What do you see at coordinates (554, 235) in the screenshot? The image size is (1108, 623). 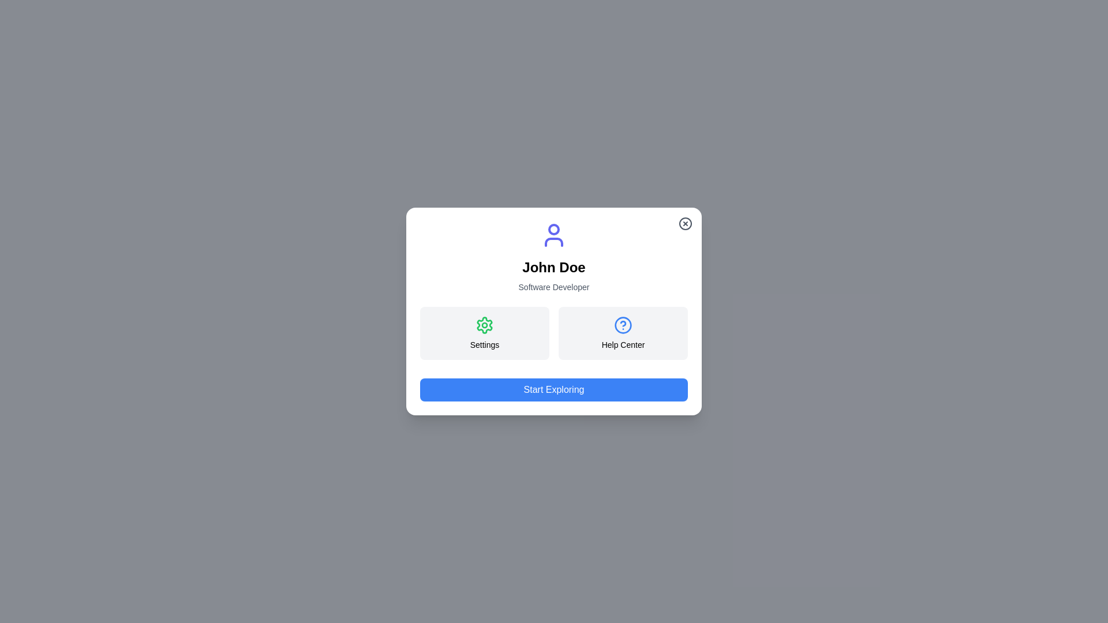 I see `the user profile icon, which is centrally located above the text 'John Doe' and 'Software Developer' in the user information card` at bounding box center [554, 235].